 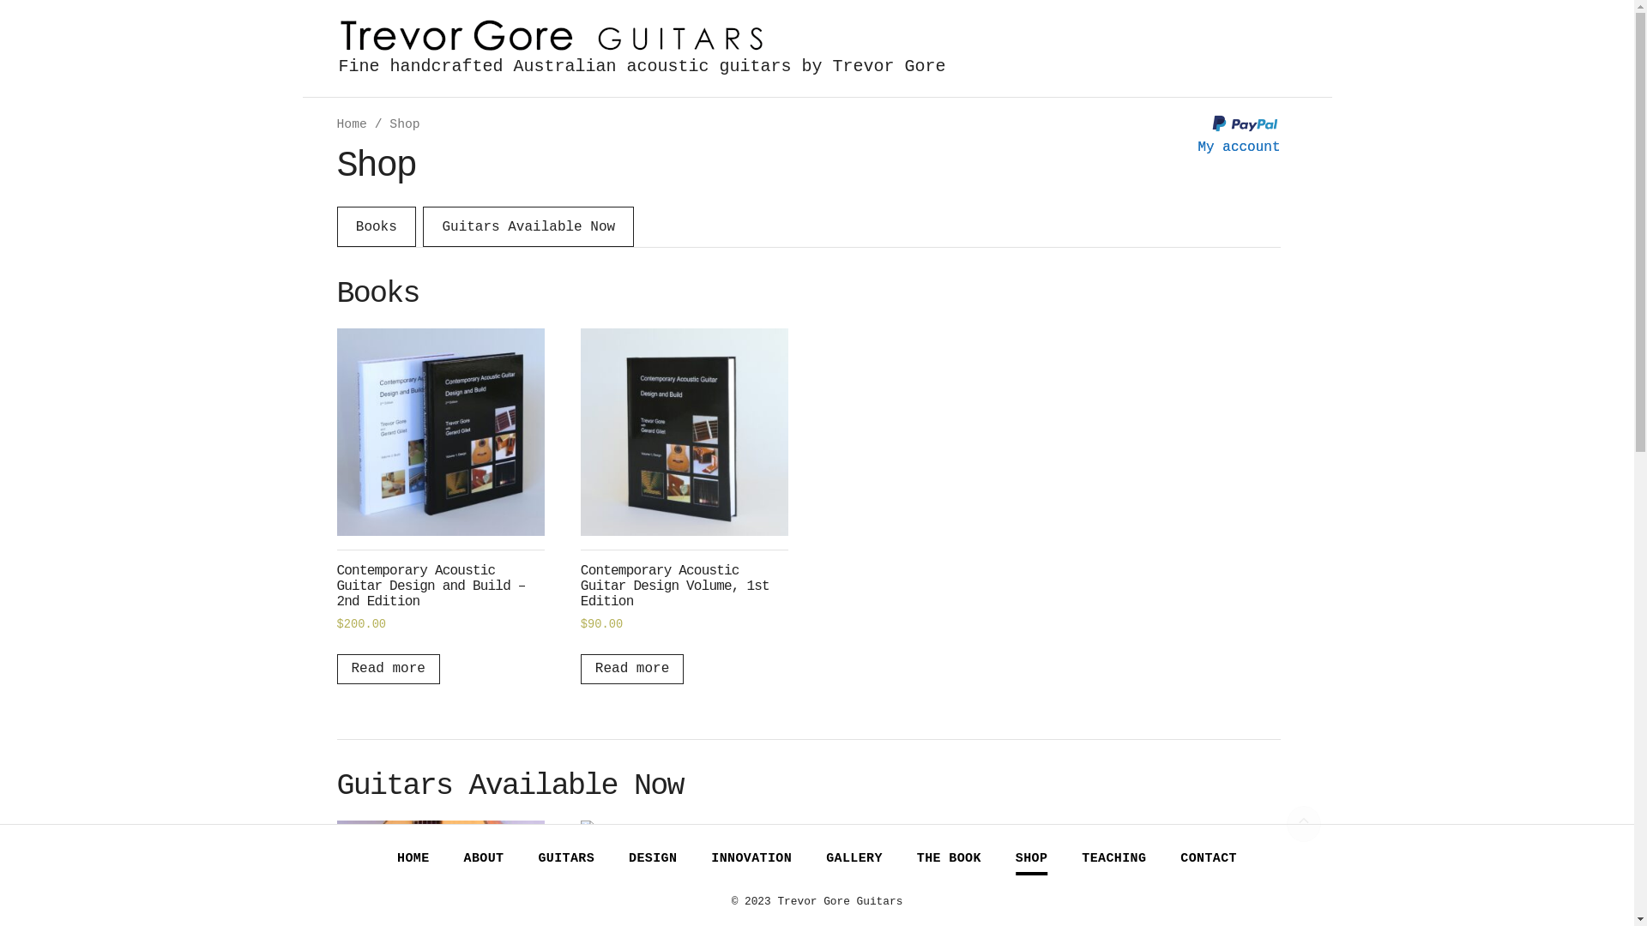 I want to click on 'Read more', so click(x=631, y=668).